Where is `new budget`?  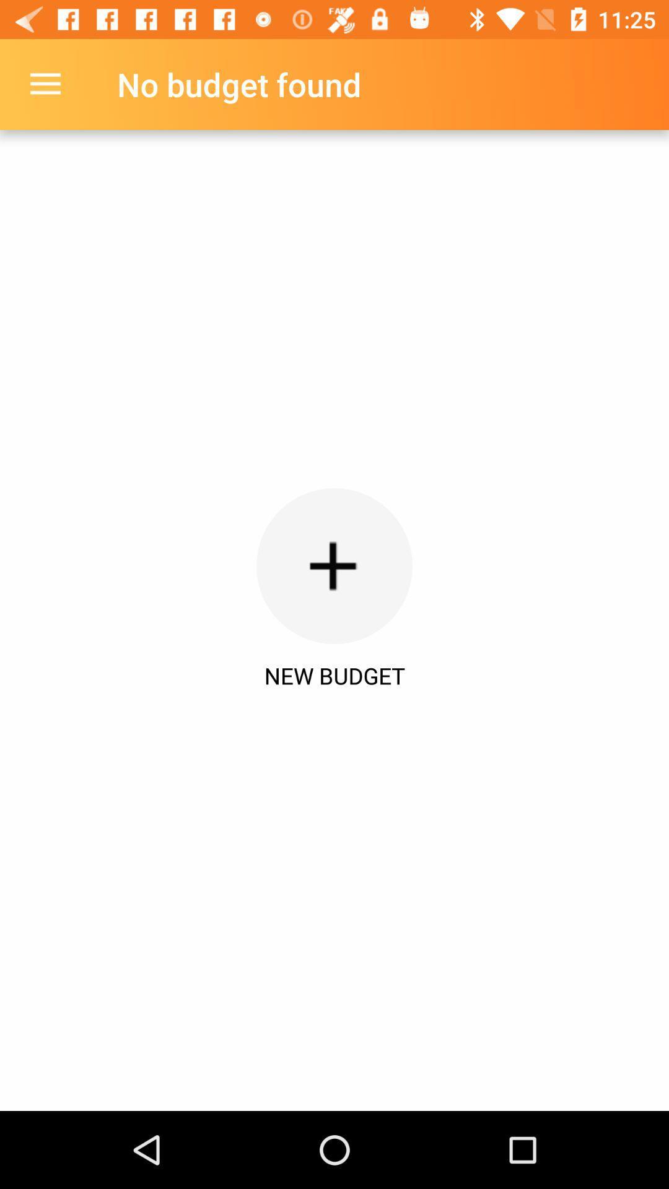
new budget is located at coordinates (334, 565).